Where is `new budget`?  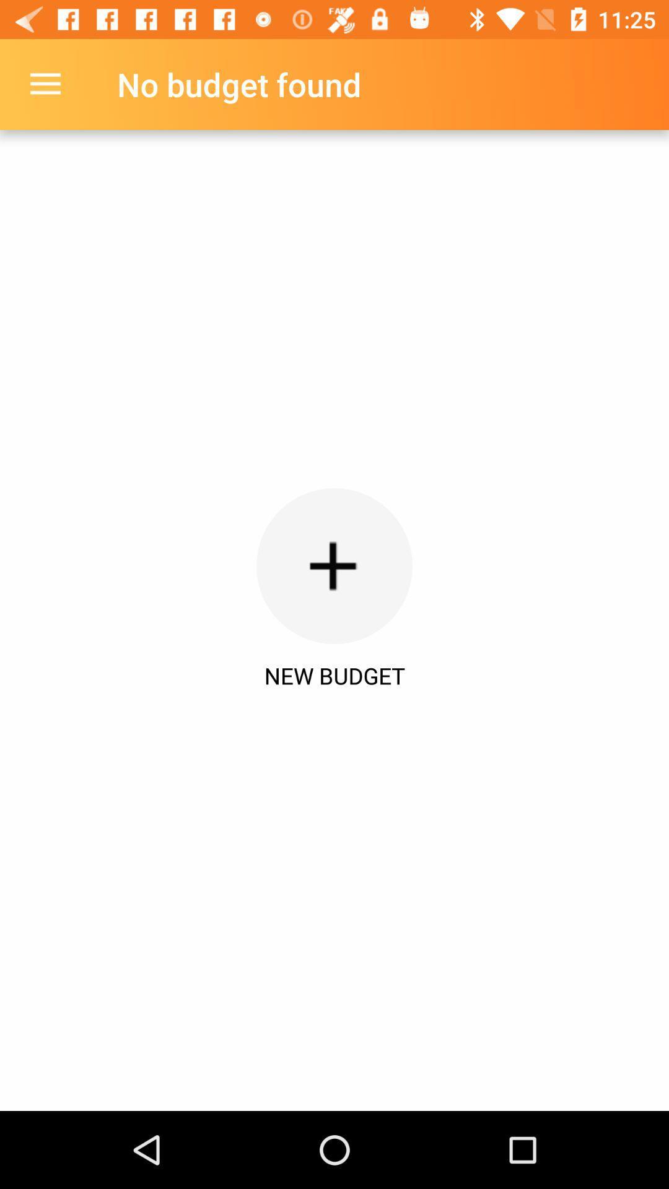
new budget is located at coordinates (334, 565).